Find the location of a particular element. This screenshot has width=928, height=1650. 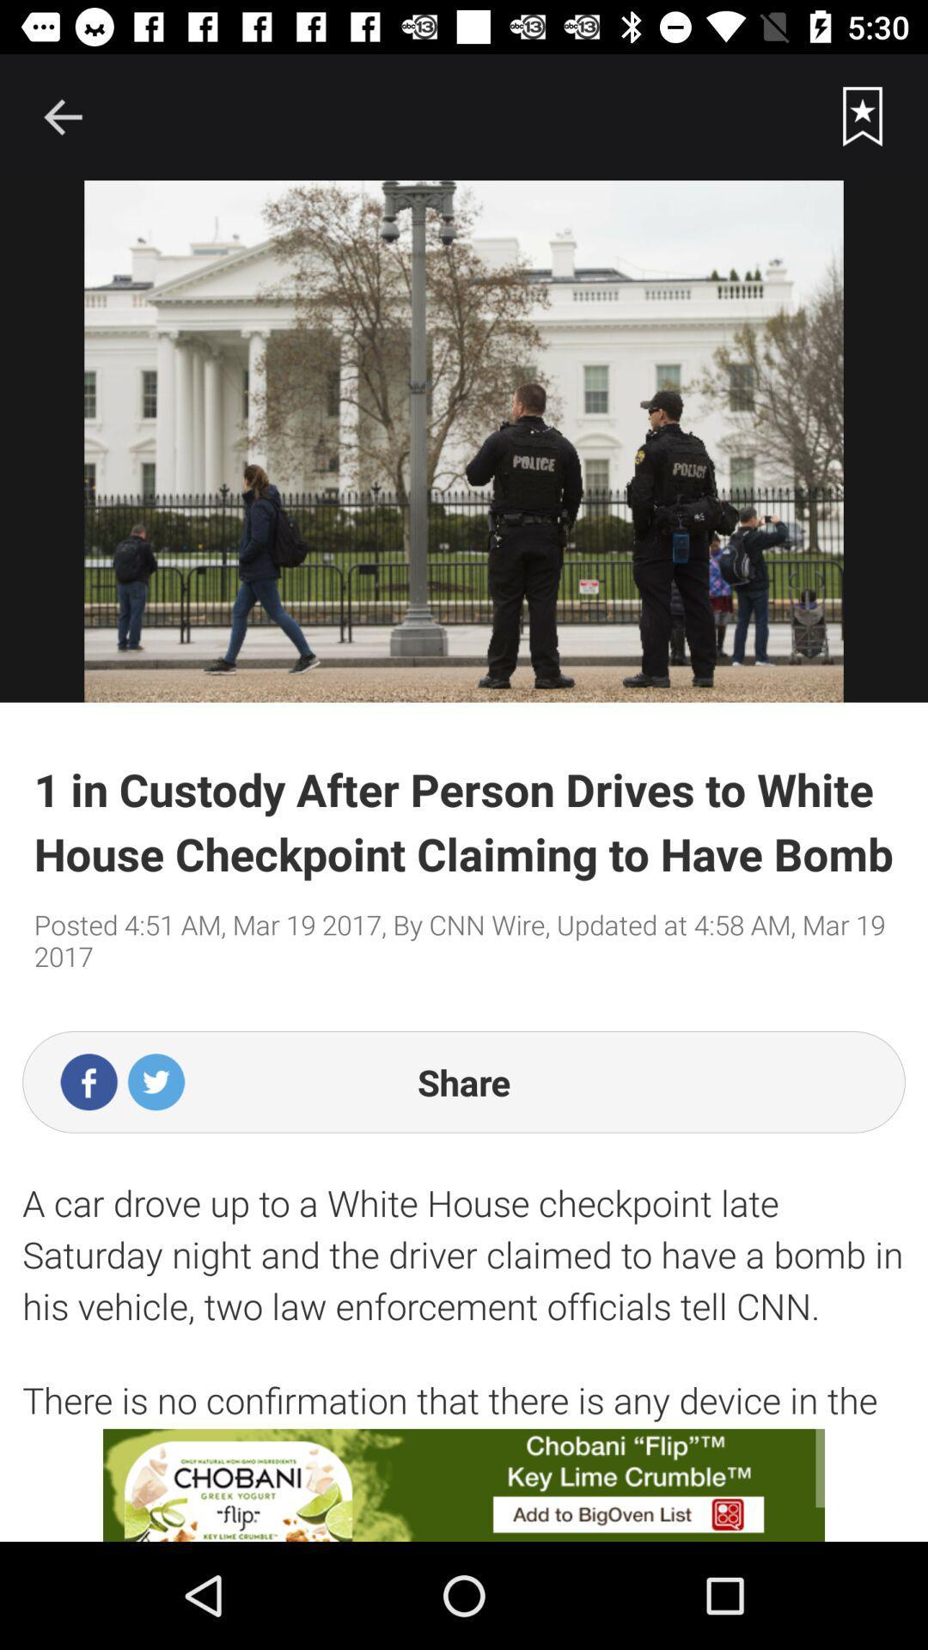

content back button is located at coordinates (62, 116).